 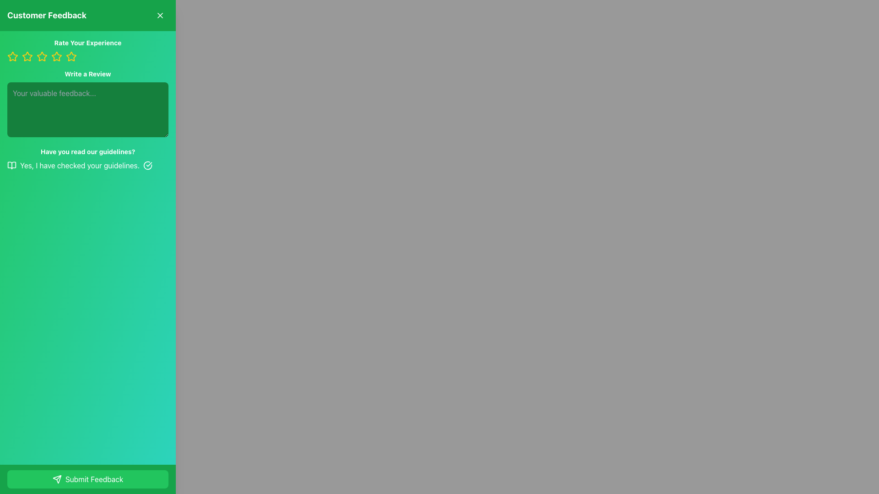 What do you see at coordinates (13, 56) in the screenshot?
I see `the first star icon in the 'Rate Your Experience' section` at bounding box center [13, 56].